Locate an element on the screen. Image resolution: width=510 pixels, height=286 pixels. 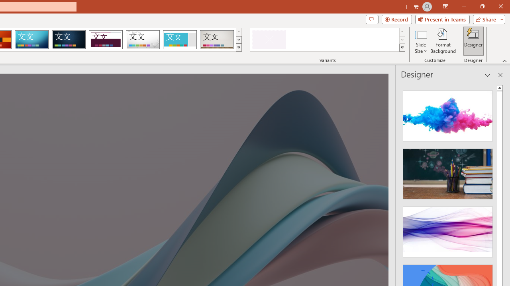
'Circuit' is located at coordinates (31, 40).